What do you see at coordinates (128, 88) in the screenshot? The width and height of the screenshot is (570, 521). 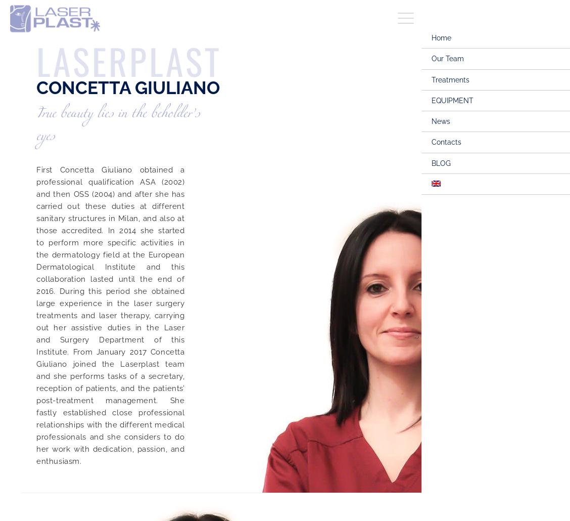 I see `'CONCETTA GIULIANO'` at bounding box center [128, 88].